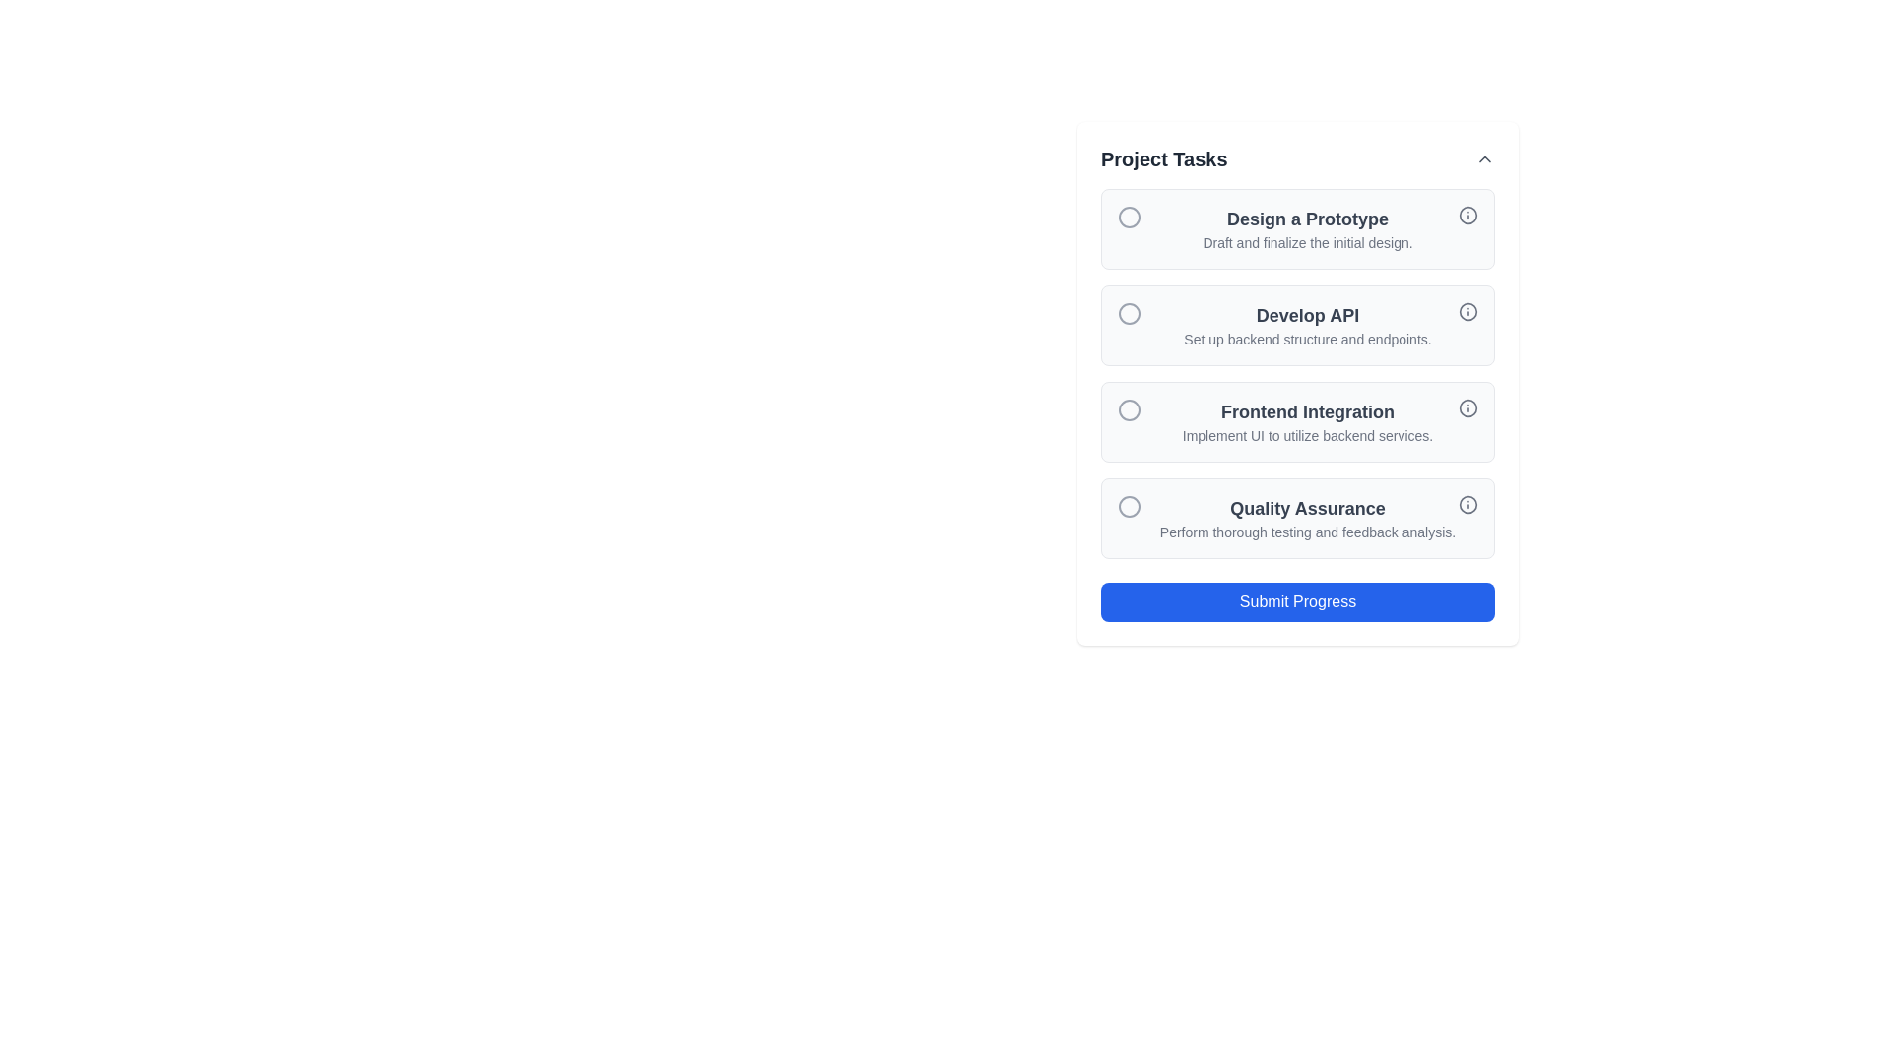 This screenshot has height=1063, width=1891. What do you see at coordinates (1308, 314) in the screenshot?
I see `the header label 'Develop API' styled in bold, large grayish-blue font, which is the title of the second item in the 'Project Tasks' card, located between 'Design a Prototype' and its description` at bounding box center [1308, 314].